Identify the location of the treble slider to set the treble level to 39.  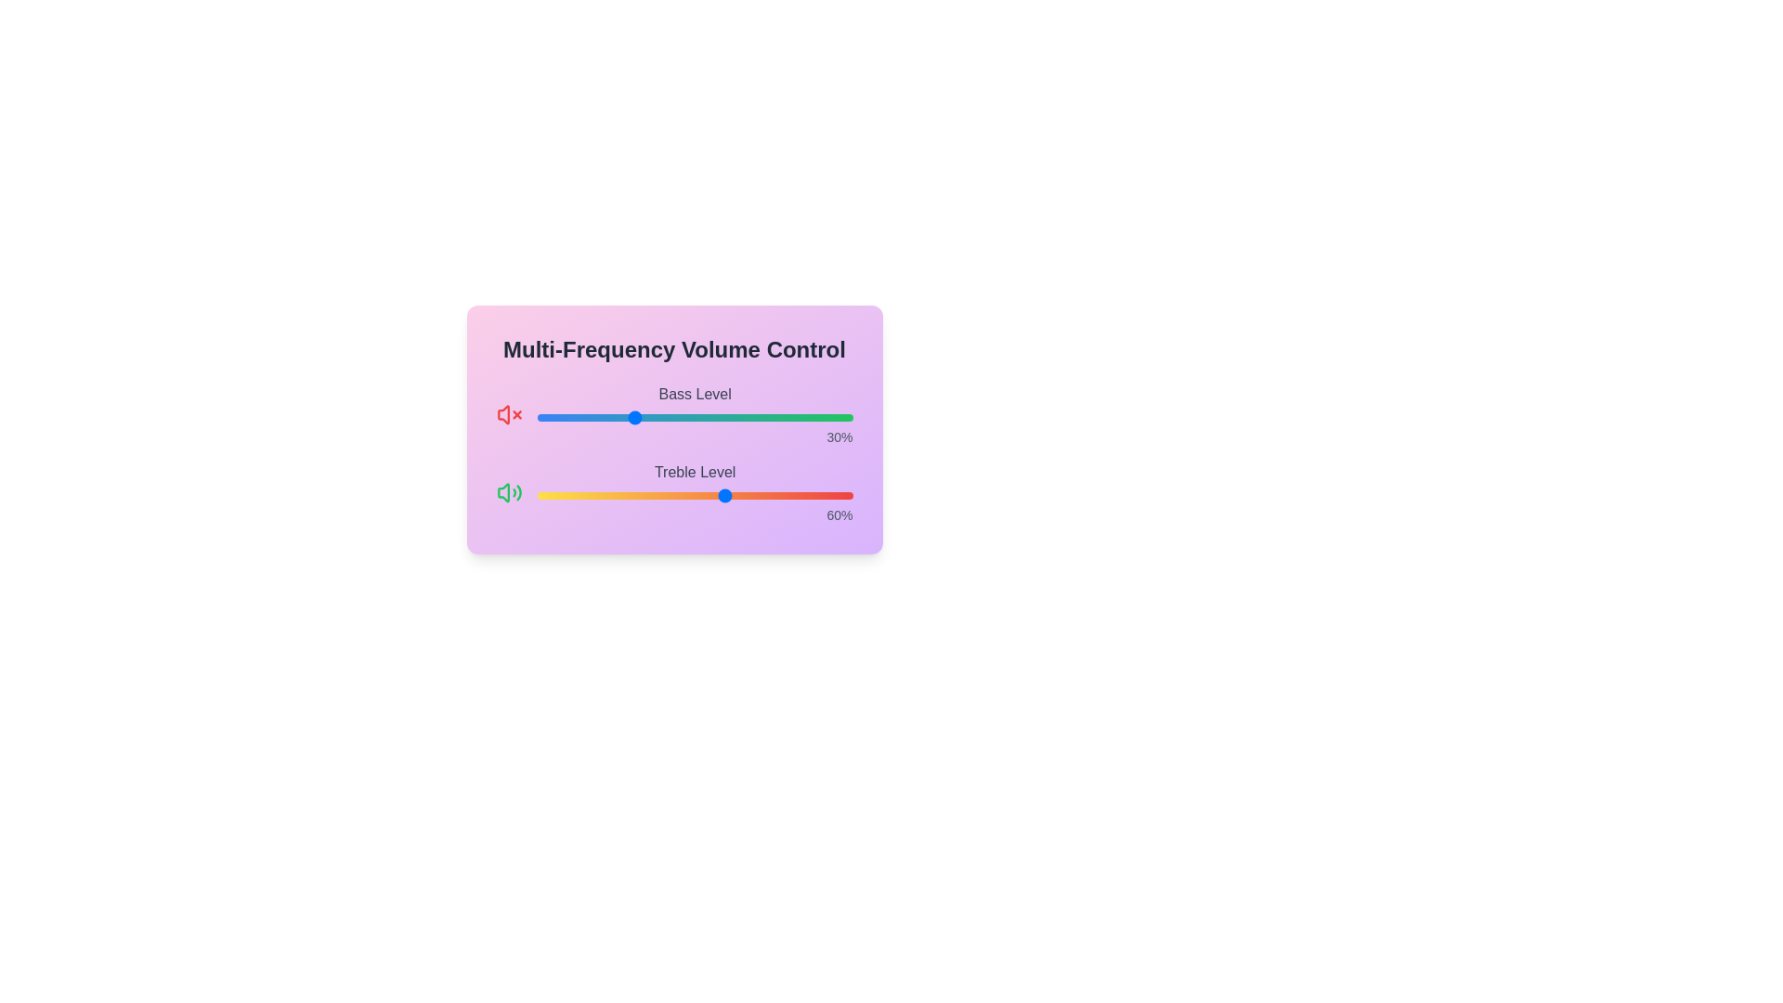
(660, 494).